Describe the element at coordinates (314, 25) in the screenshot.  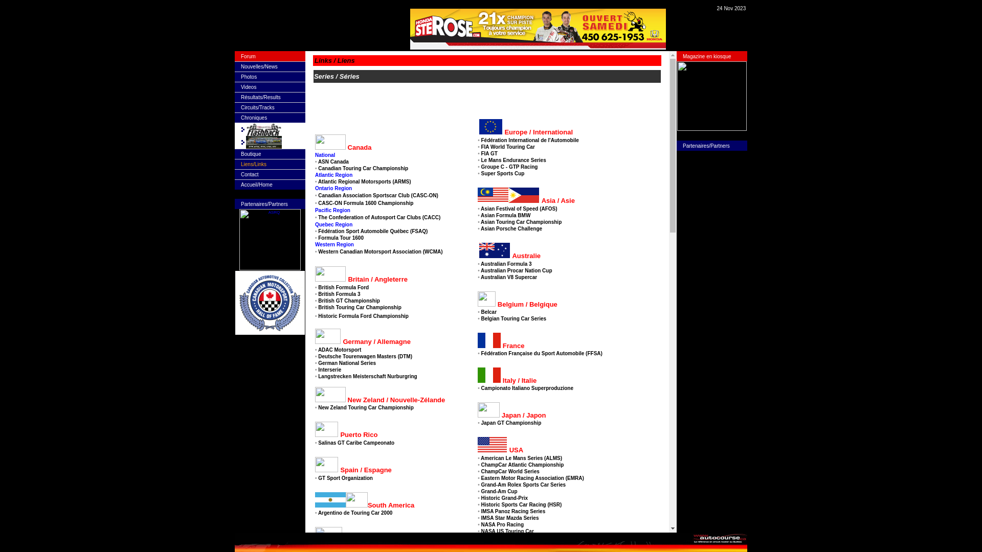
I see `' '` at that location.